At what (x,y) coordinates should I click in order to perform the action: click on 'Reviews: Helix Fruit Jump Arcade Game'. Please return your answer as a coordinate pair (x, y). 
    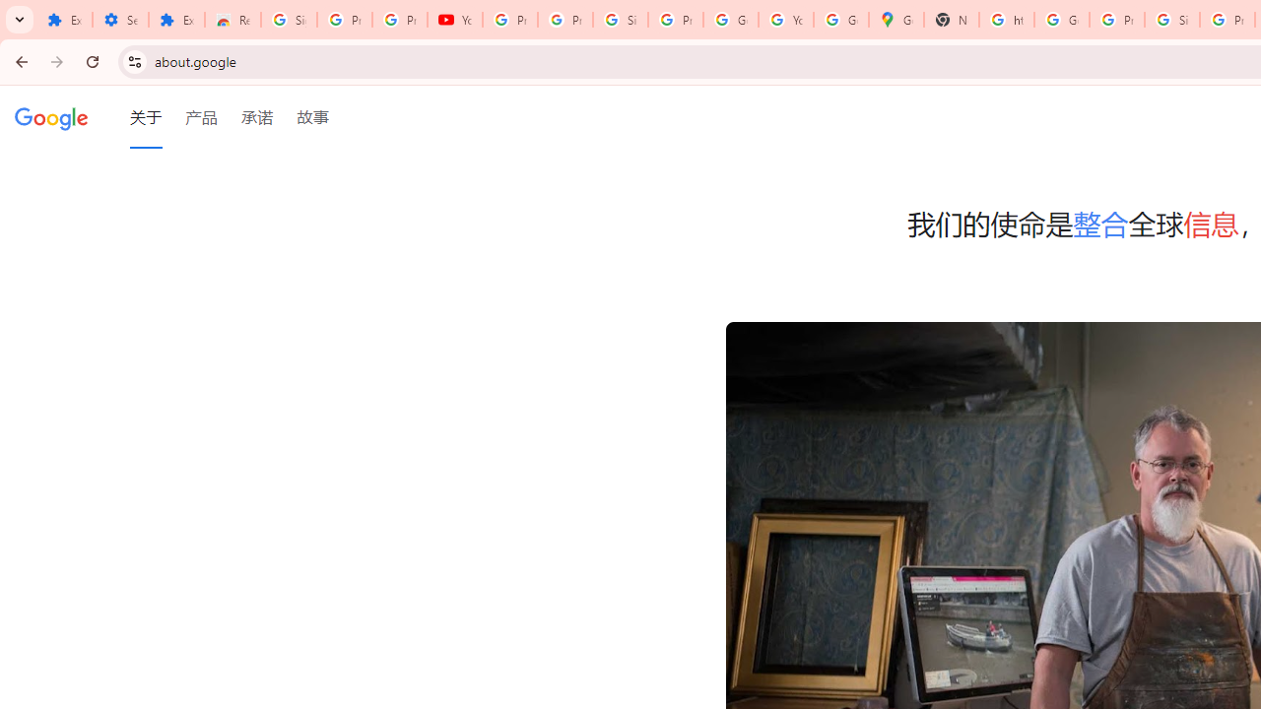
    Looking at the image, I should click on (232, 20).